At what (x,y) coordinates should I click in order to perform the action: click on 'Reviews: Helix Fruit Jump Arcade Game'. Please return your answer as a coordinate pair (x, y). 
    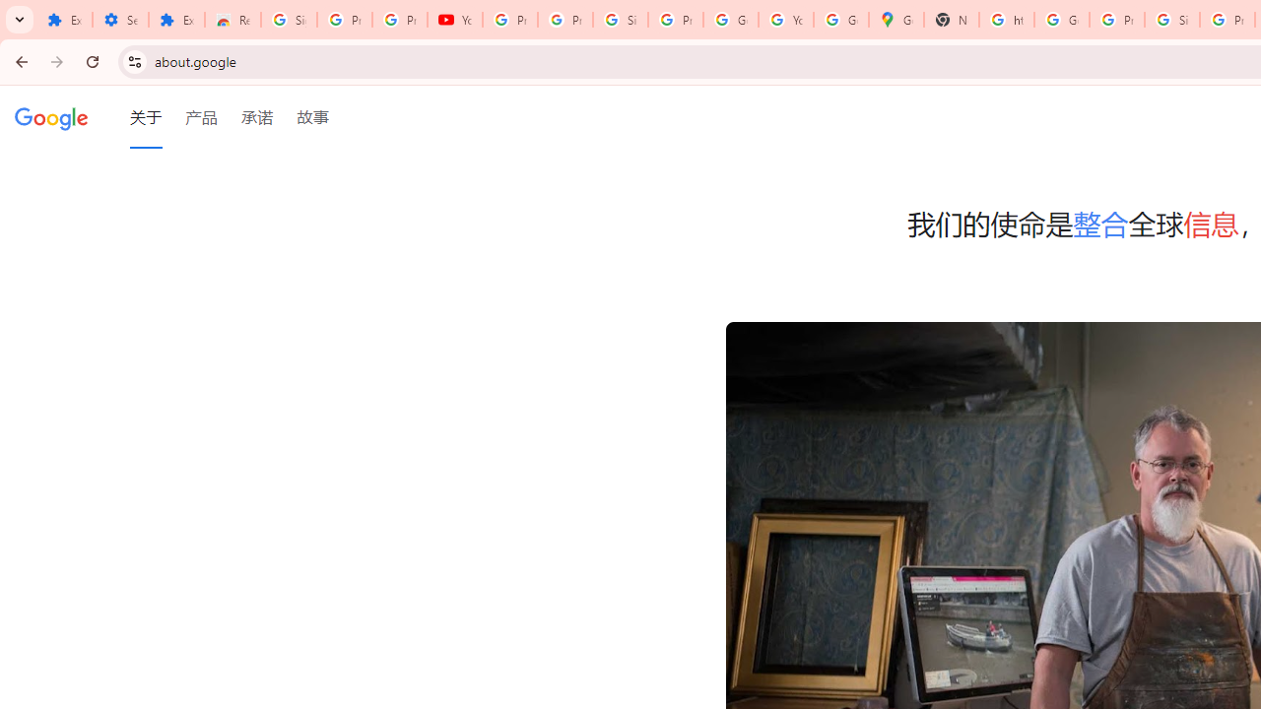
    Looking at the image, I should click on (232, 20).